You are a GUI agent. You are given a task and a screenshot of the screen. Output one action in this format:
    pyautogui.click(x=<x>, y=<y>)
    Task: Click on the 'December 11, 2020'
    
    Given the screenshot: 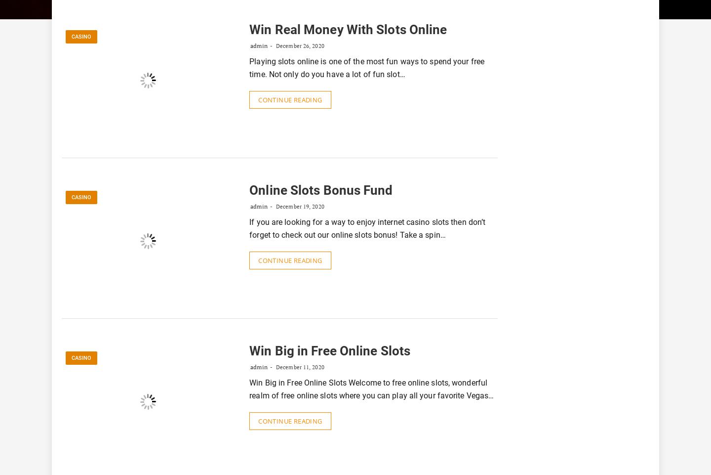 What is the action you would take?
    pyautogui.click(x=298, y=367)
    